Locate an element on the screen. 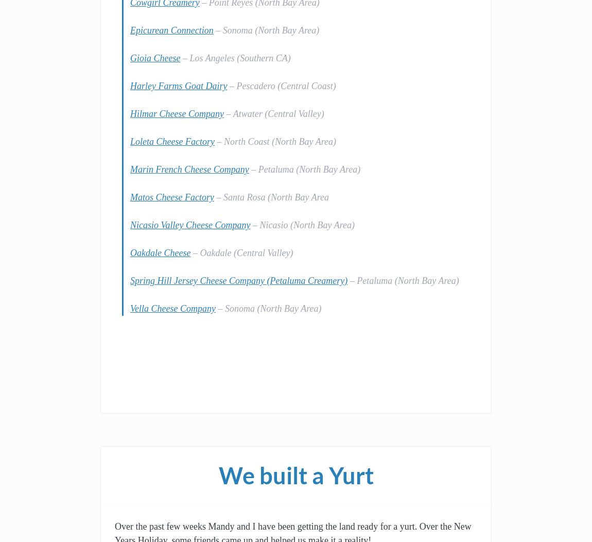 The height and width of the screenshot is (542, 592). 'Gioia Cheese' is located at coordinates (155, 58).